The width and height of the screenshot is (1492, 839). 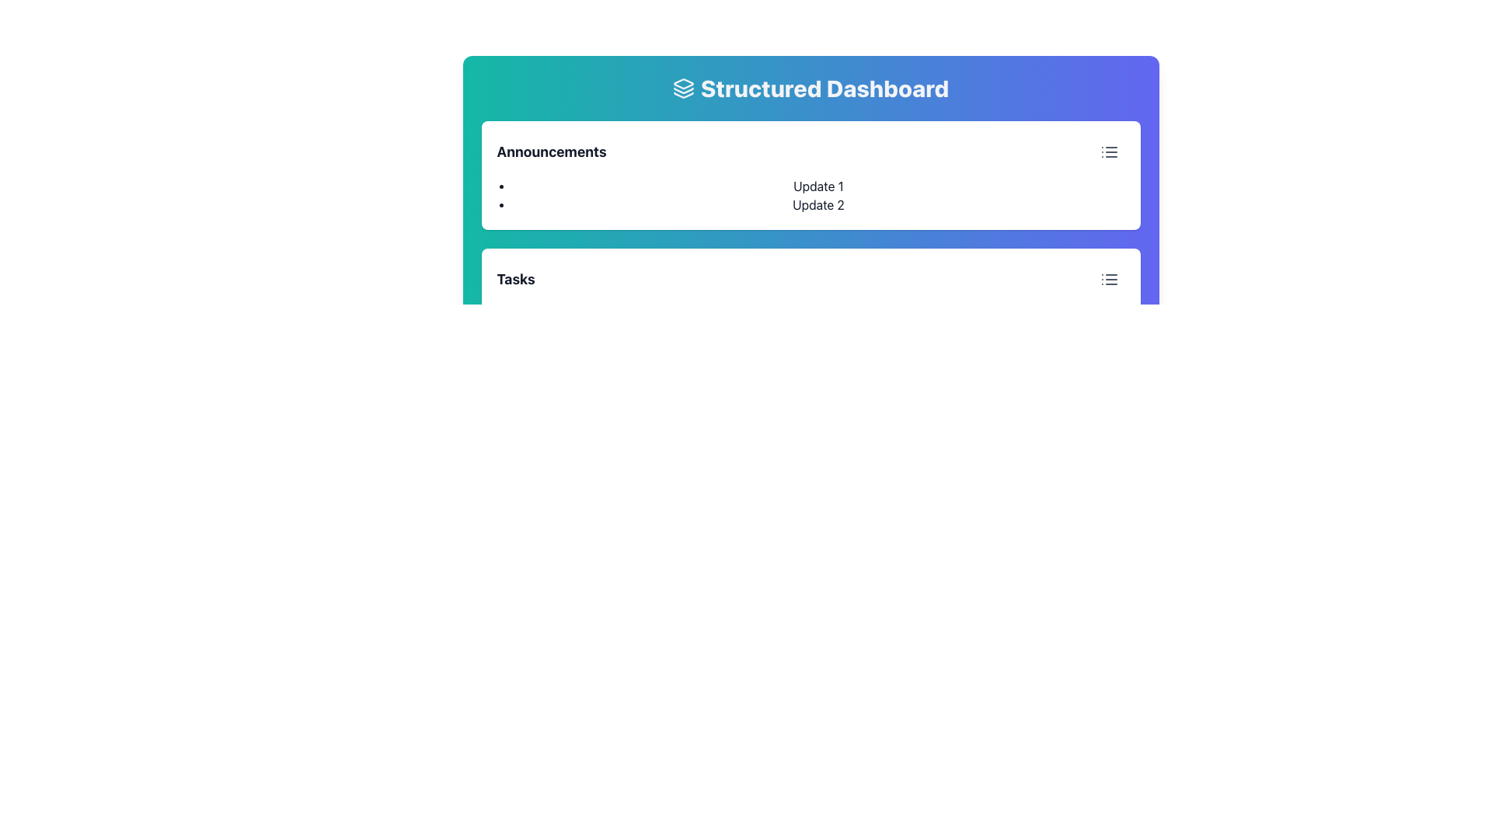 I want to click on the bold text label displaying 'Announcements' located on the top-left side of the white panel, so click(x=552, y=152).